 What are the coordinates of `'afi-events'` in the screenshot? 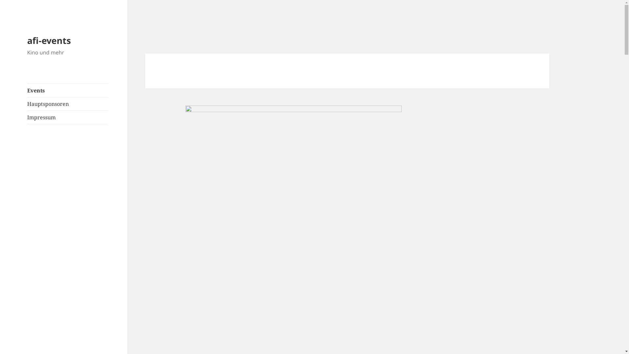 It's located at (27, 40).